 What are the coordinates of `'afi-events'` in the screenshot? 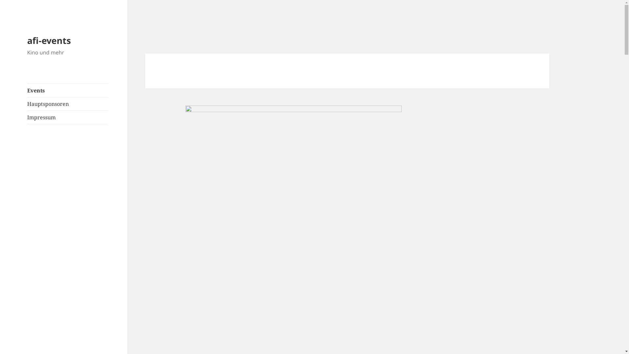 It's located at (27, 40).